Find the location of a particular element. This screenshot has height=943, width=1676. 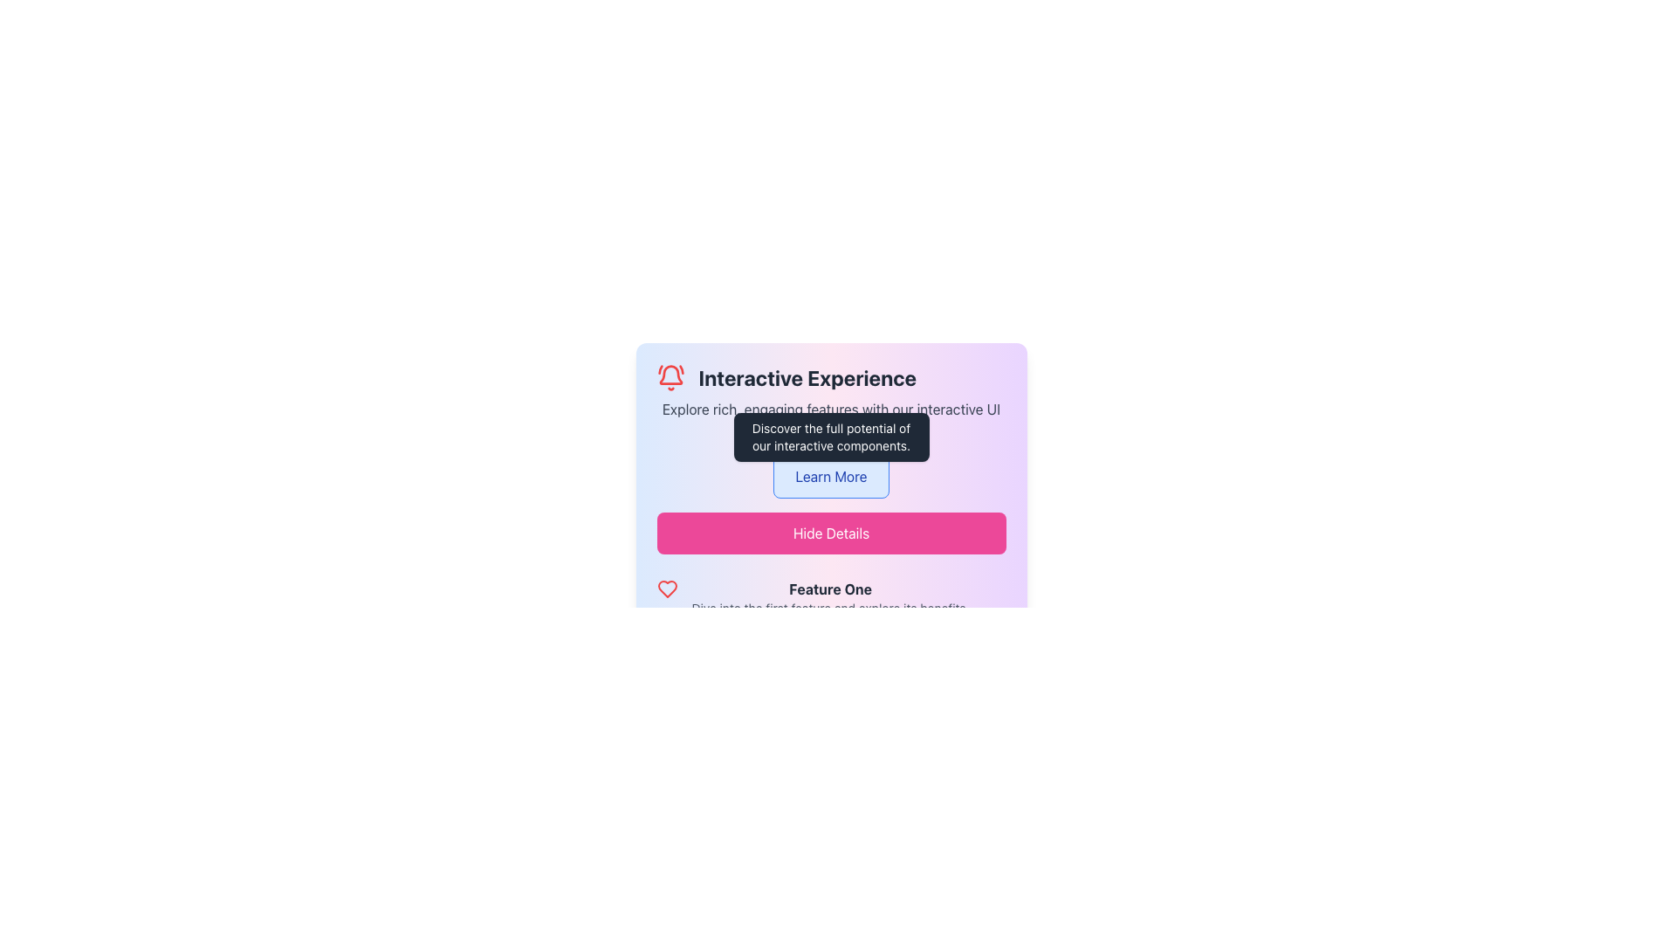

the text element reading 'Dive into the first feature and explore its benefits.' which is located below the title 'Feature One' in the section titled 'Feature One' is located at coordinates (829, 608).